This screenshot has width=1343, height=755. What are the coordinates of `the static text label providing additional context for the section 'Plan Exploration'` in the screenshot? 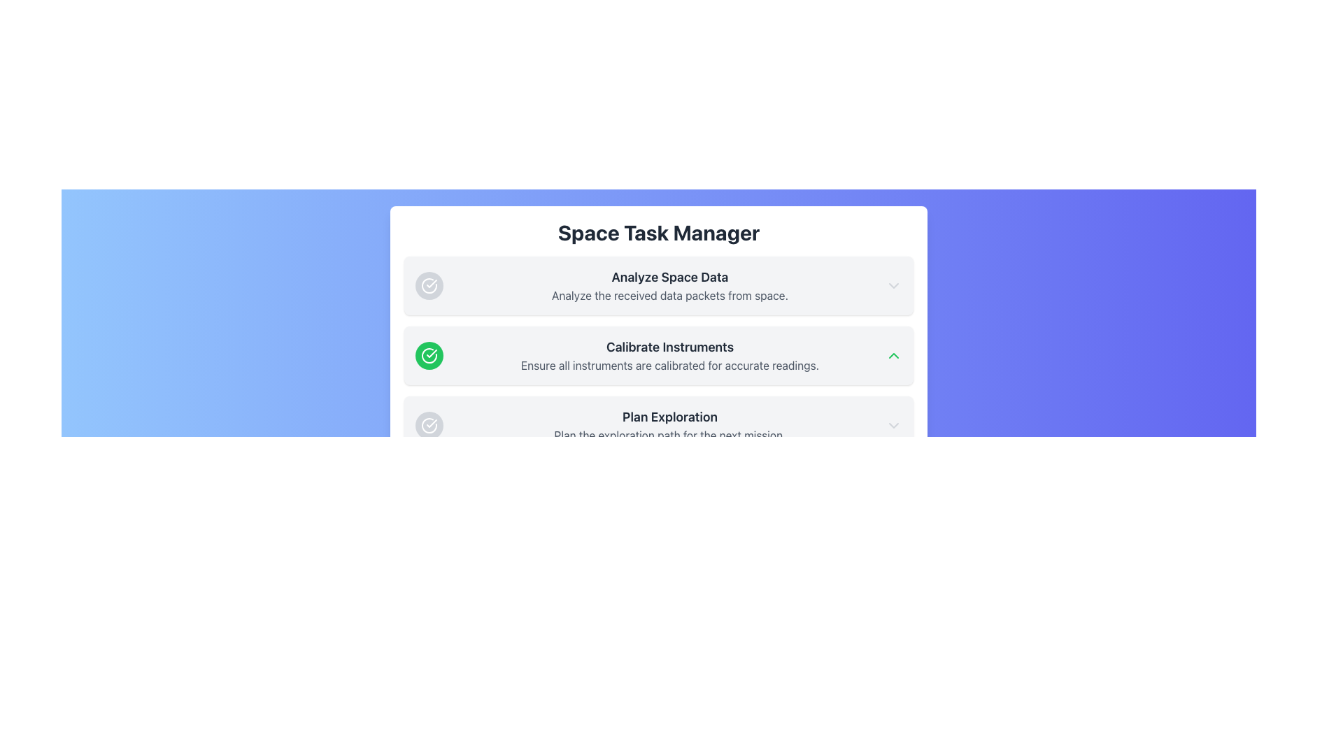 It's located at (669, 435).